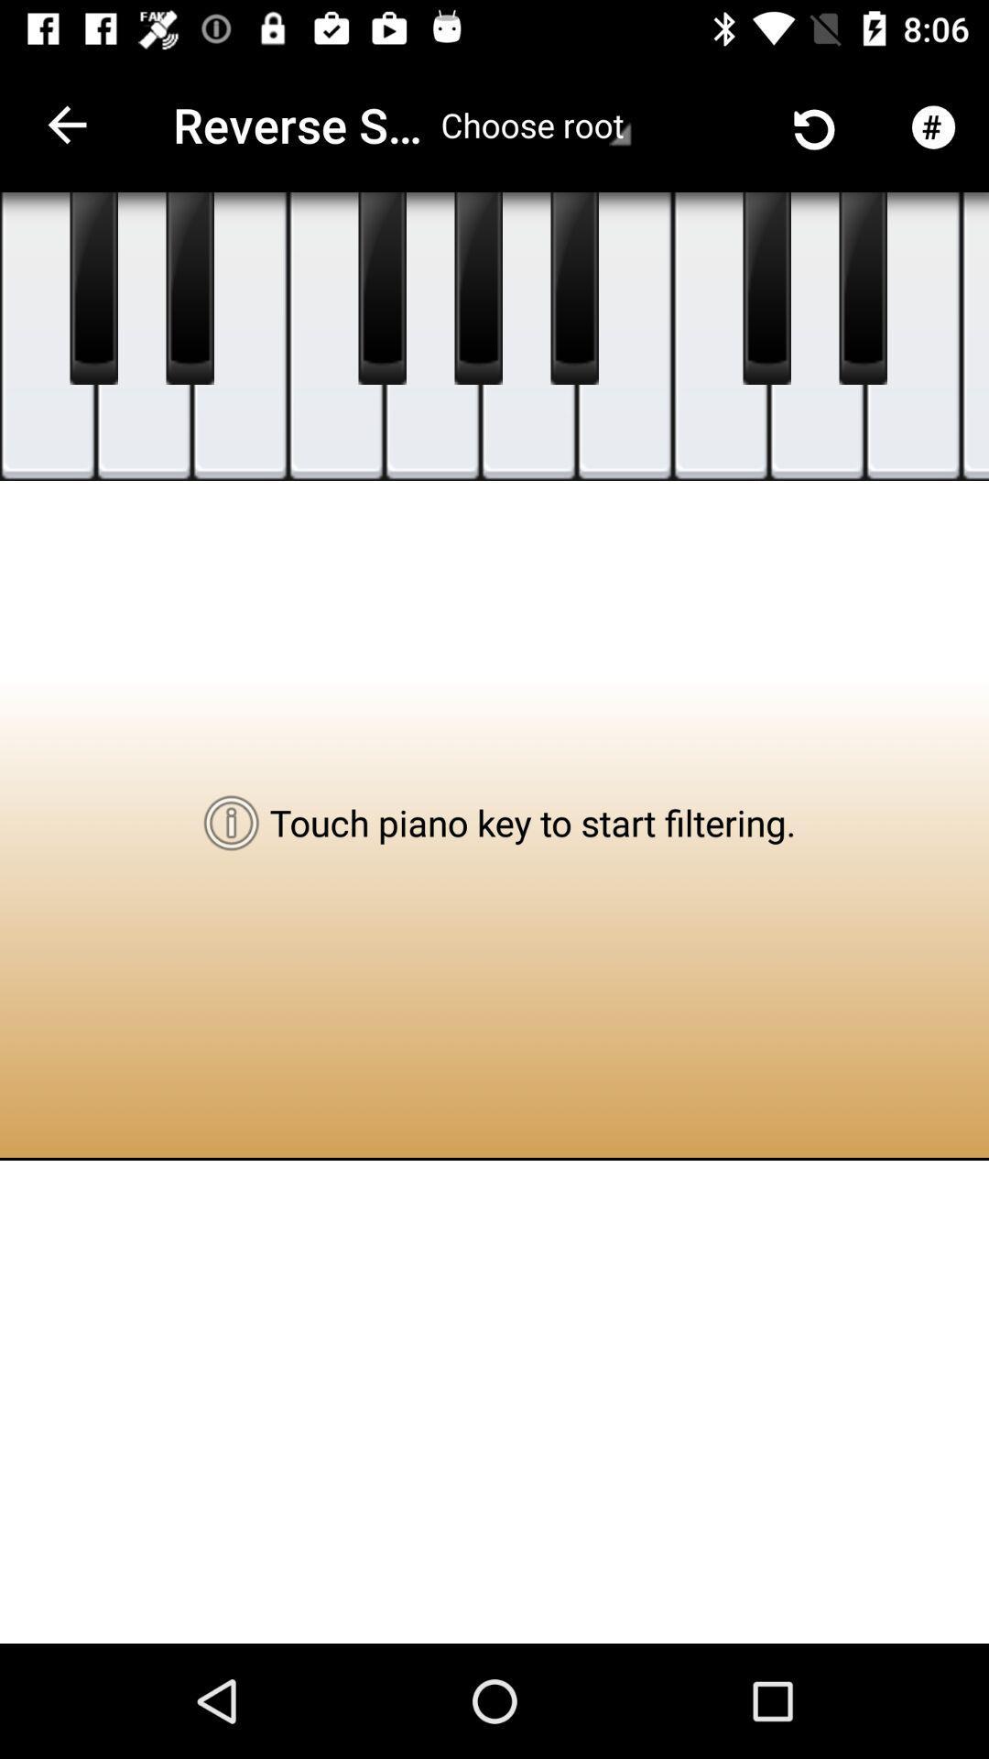  I want to click on f note, so click(336, 336).